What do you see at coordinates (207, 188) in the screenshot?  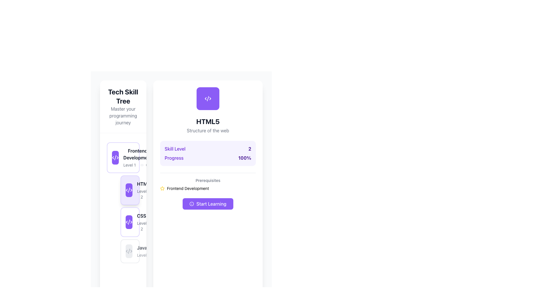 I see `text of the 'Frontend Development' label located in the prerequisites section of the HTML5 skill description card, which is the first listed prerequisite item` at bounding box center [207, 188].